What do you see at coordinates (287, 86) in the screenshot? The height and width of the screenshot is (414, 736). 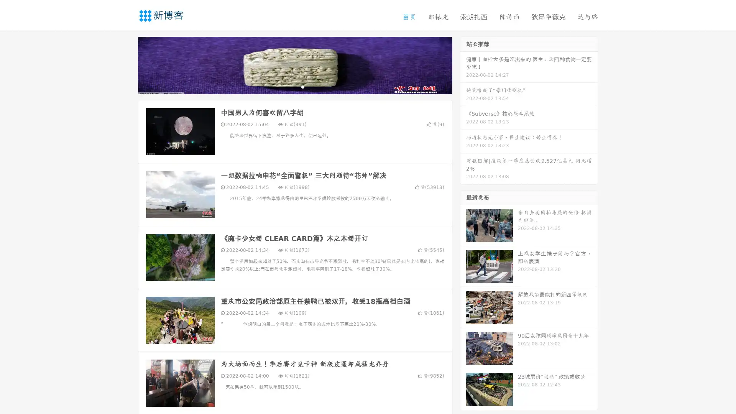 I see `Go to slide 1` at bounding box center [287, 86].